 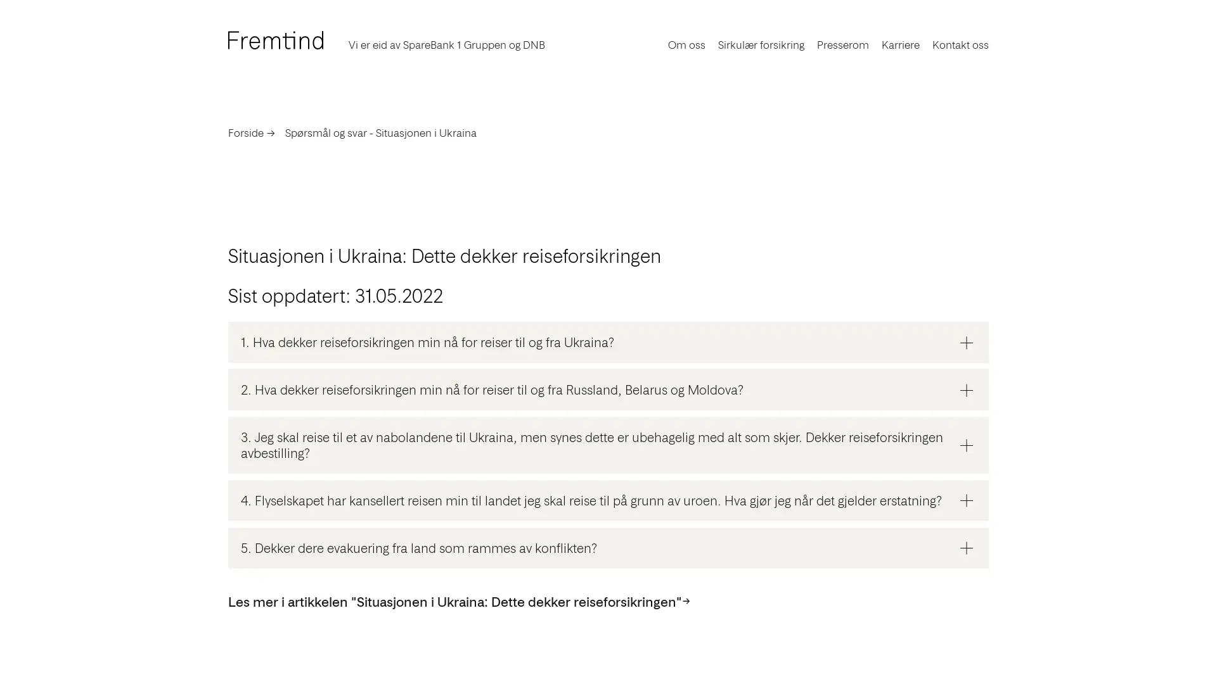 What do you see at coordinates (608, 444) in the screenshot?
I see `3. Jeg skal reise til et av nabolandene til Ukraina, men synes dette er ubehagelig med alt som skjer. Dekker reiseforsikringen avbestilling?` at bounding box center [608, 444].